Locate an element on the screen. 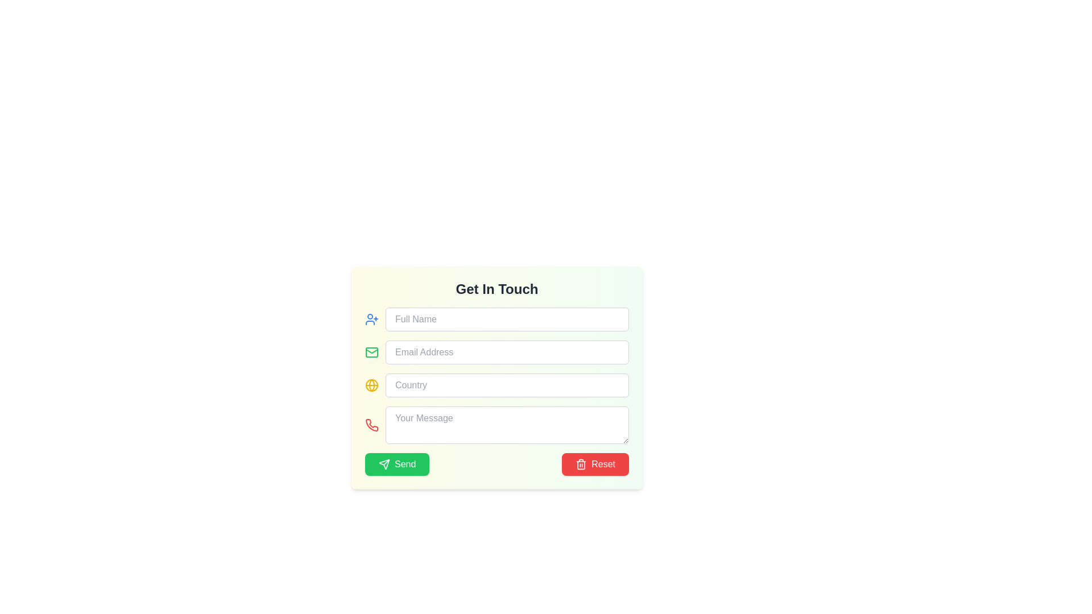  the triangular outline of the envelope flap in the green mail icon, which serves as a visual indicator for the 'Email Address' input field in the contact form is located at coordinates (371, 350).